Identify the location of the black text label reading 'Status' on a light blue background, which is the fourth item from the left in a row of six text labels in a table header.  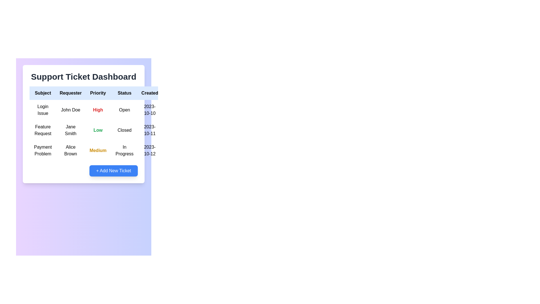
(124, 93).